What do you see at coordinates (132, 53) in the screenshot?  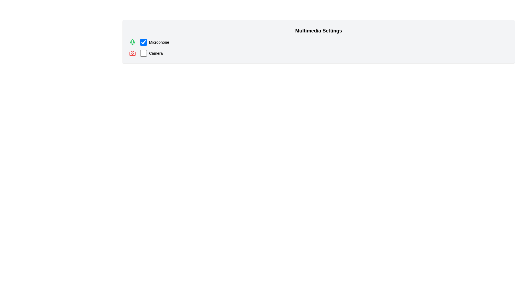 I see `the camera icon located at the leftmost position within the horizontal layout in the second row of the settings section, adjacent to the checkbox and text labeled 'Camera'` at bounding box center [132, 53].